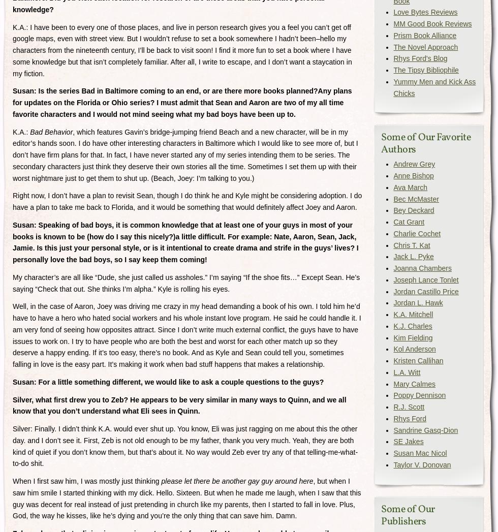  What do you see at coordinates (409, 222) in the screenshot?
I see `'Cat Grant'` at bounding box center [409, 222].